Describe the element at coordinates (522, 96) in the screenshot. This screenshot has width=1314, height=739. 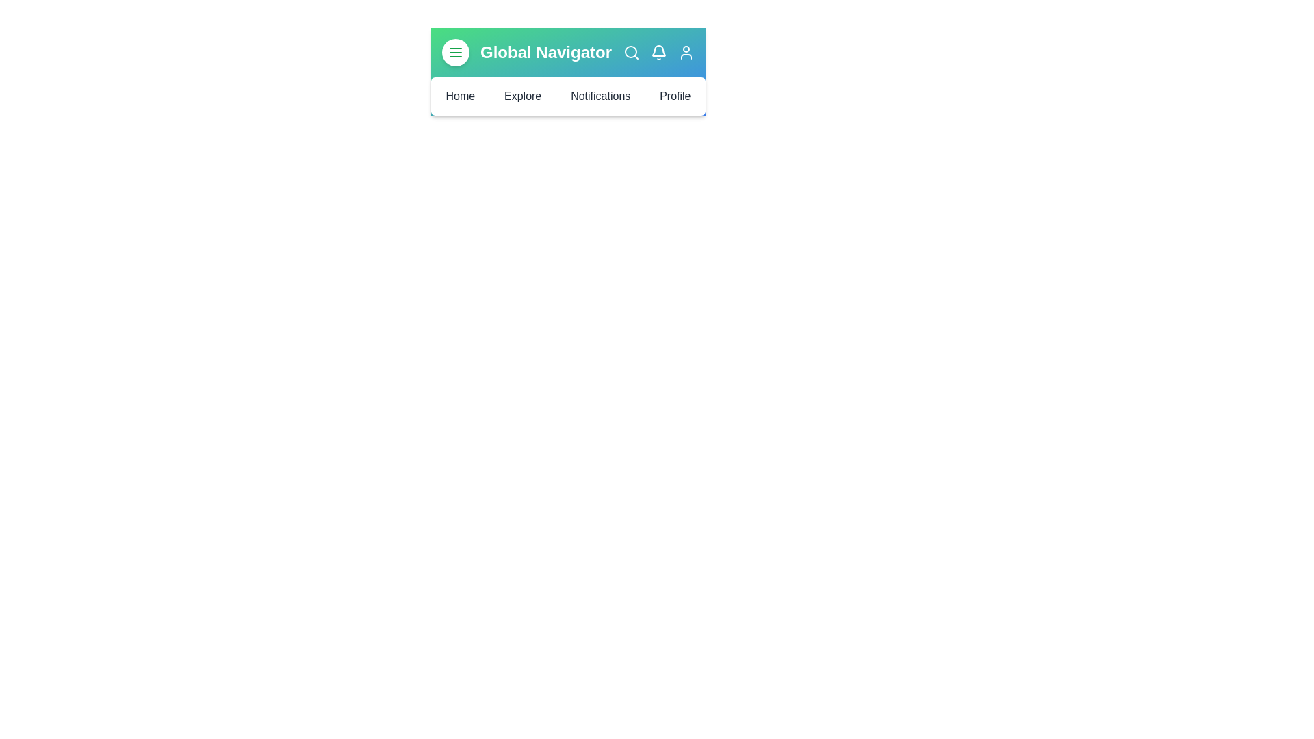
I see `the navigation menu item Explore to navigate to the corresponding section` at that location.